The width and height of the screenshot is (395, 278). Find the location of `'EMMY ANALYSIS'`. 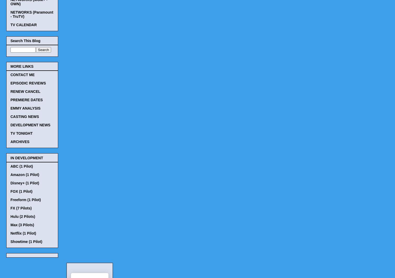

'EMMY ANALYSIS' is located at coordinates (25, 108).